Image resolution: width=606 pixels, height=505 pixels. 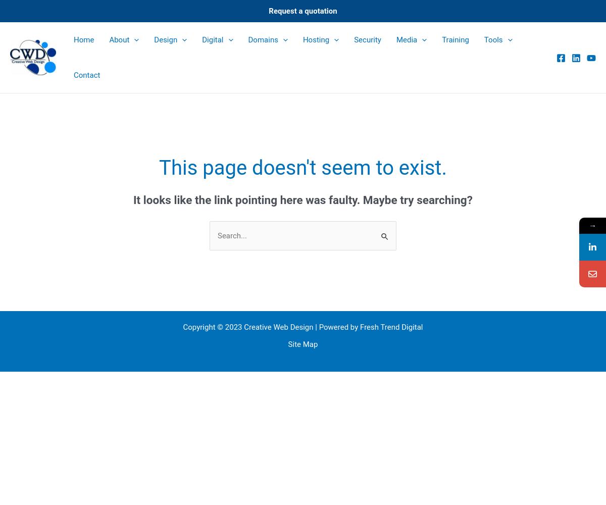 What do you see at coordinates (271, 327) in the screenshot?
I see `'Copyright © 2023 Creative Web Design | Powered by'` at bounding box center [271, 327].